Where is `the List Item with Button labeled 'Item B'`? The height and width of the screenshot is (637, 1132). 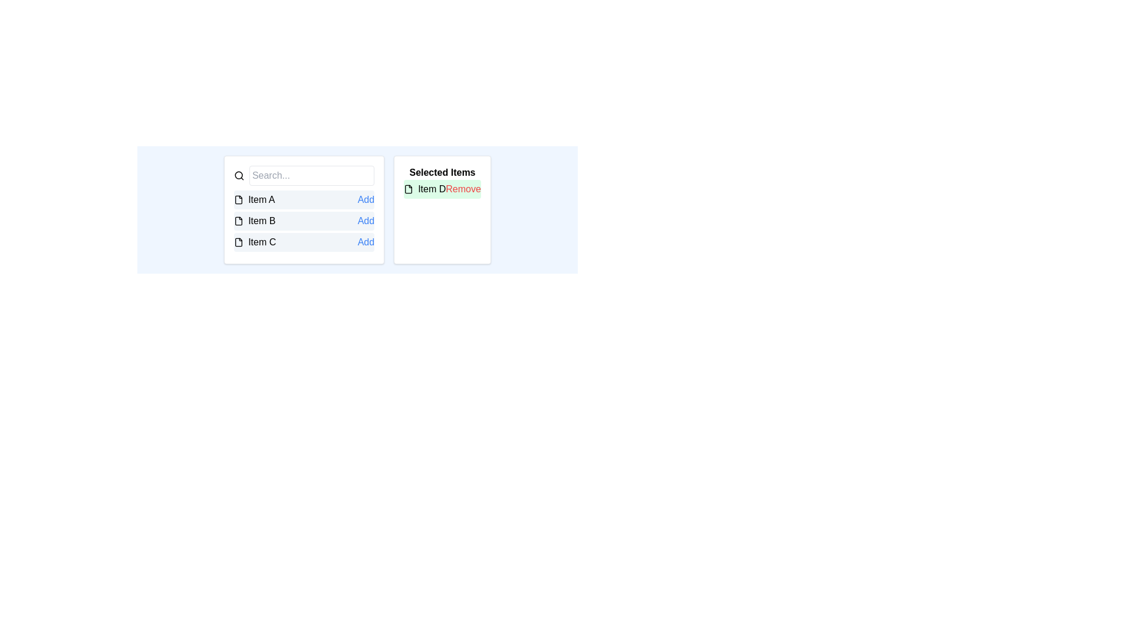
the List Item with Button labeled 'Item B' is located at coordinates (304, 221).